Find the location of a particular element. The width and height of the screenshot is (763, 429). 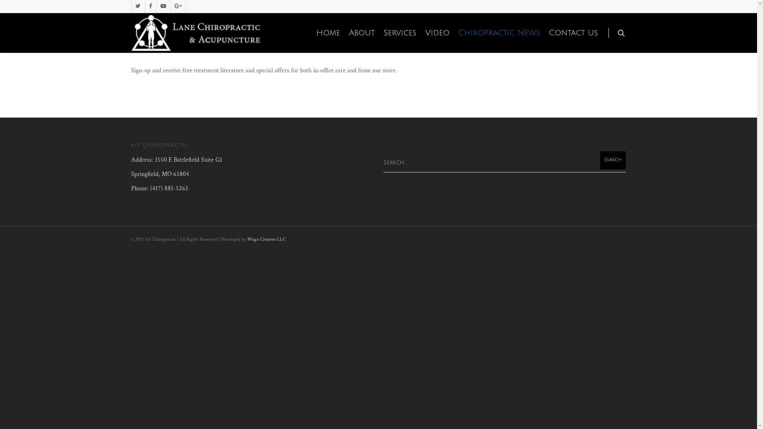

'Services' is located at coordinates (400, 33).